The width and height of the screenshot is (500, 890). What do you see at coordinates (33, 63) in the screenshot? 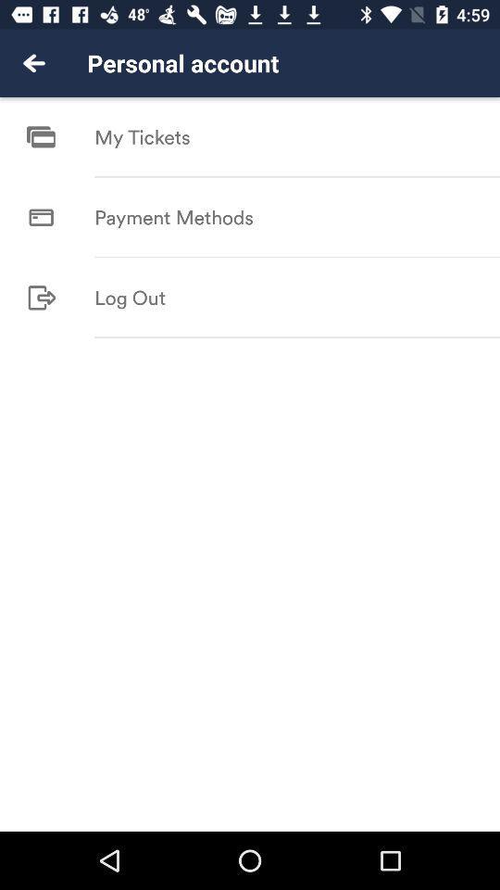
I see `item next to the personal account item` at bounding box center [33, 63].